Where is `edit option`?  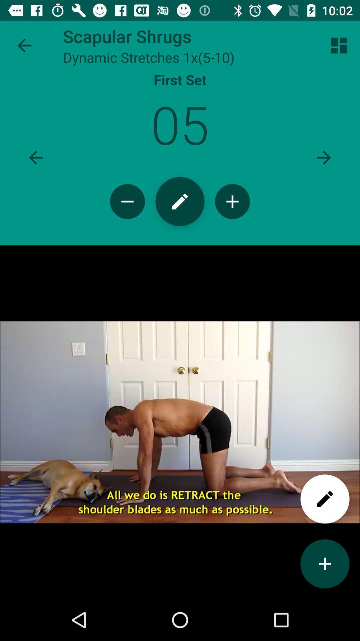
edit option is located at coordinates (180, 201).